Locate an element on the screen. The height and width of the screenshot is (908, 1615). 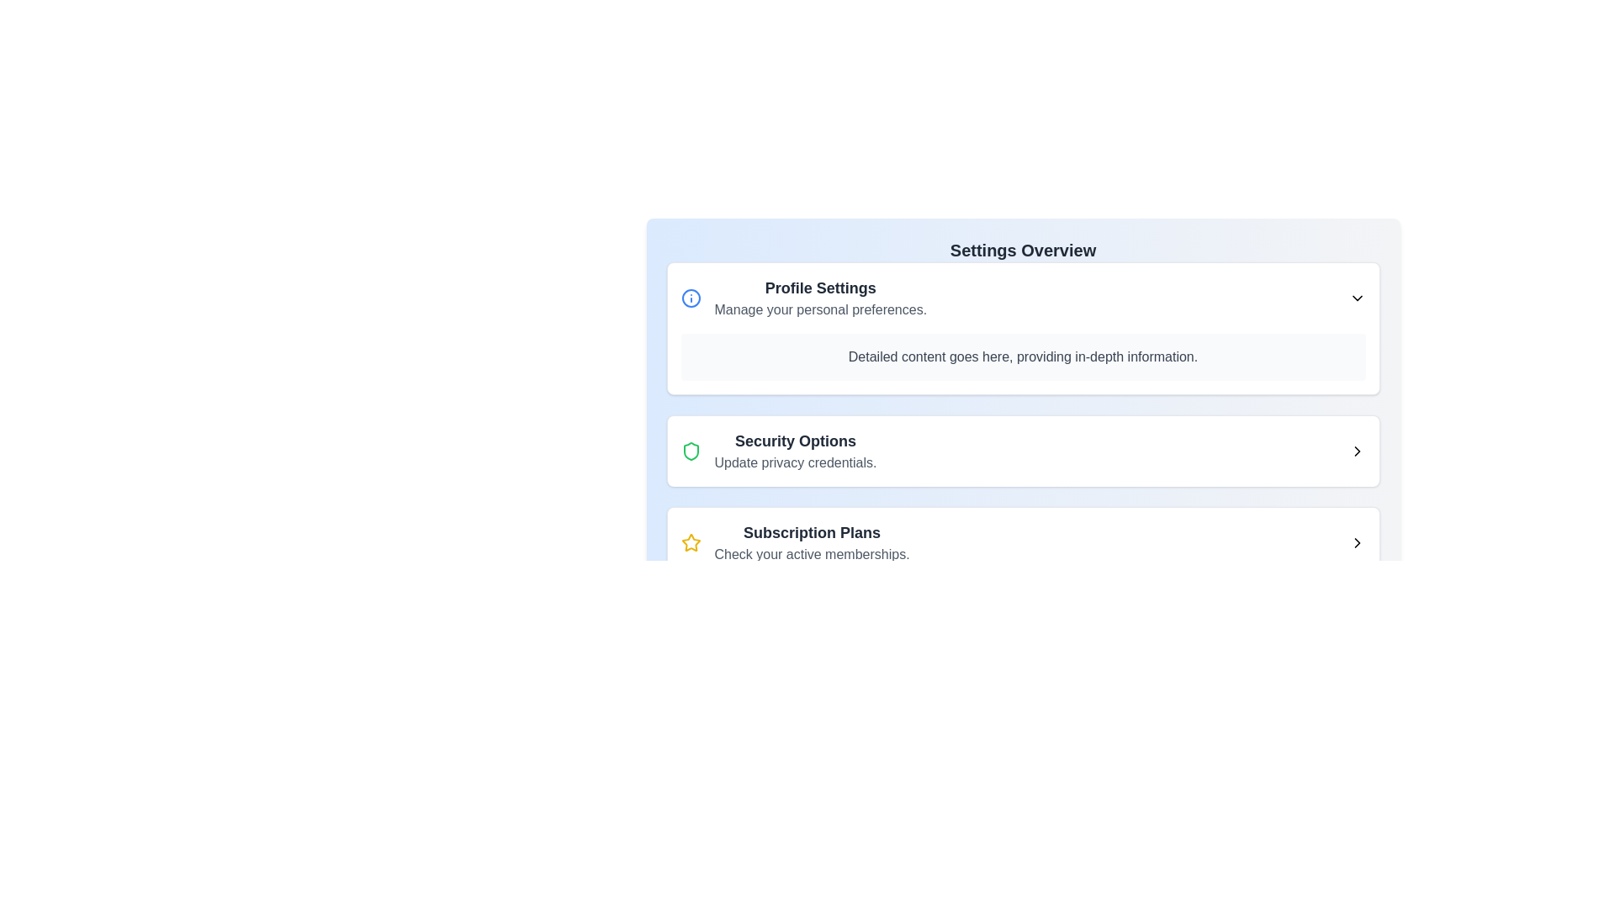
the second list item in the navigation feature is located at coordinates (1022, 450).